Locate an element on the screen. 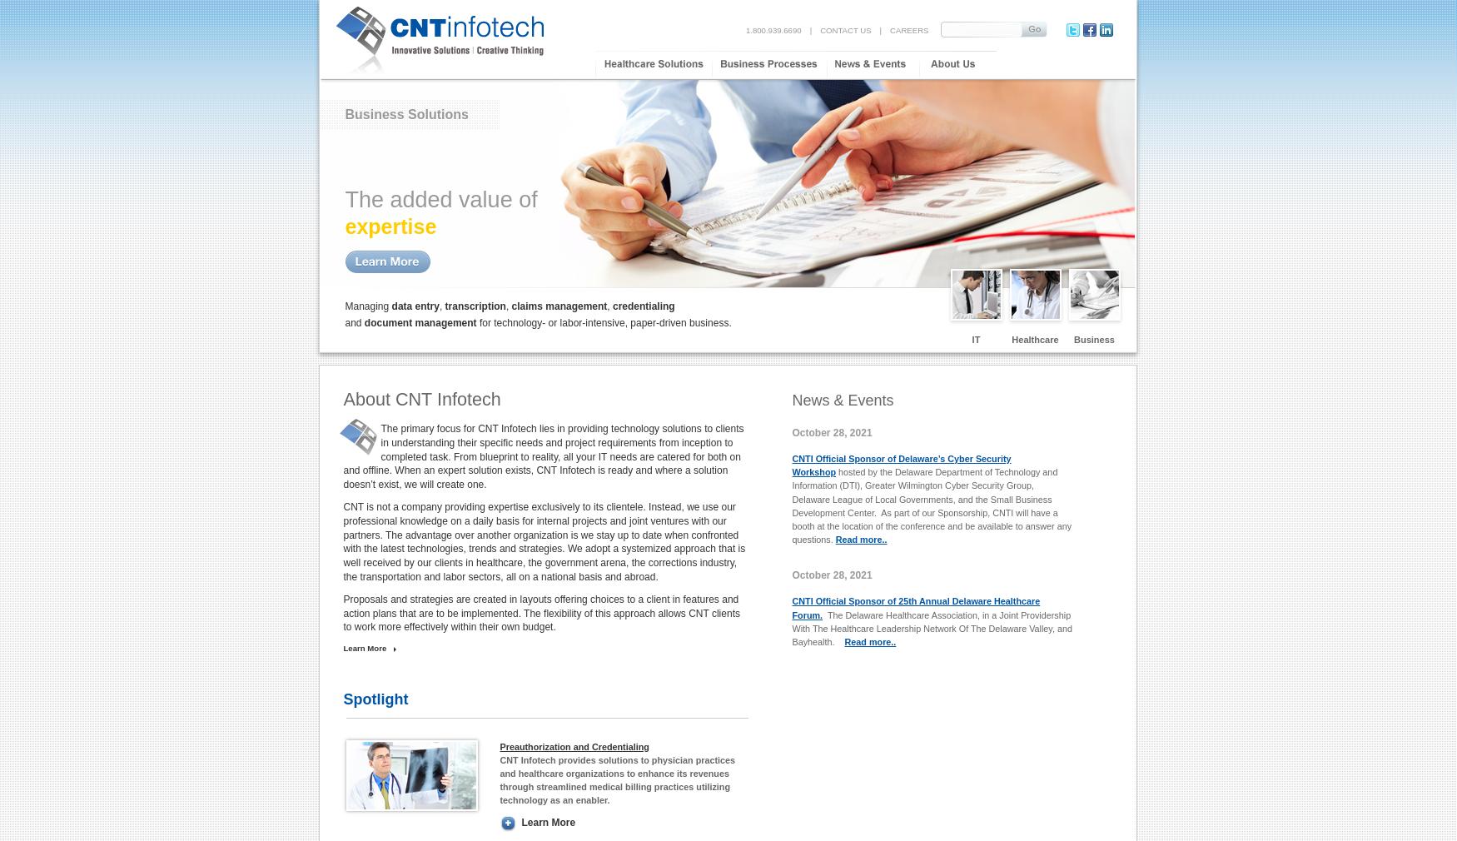 The image size is (1457, 841). 'CNTI Official Sponsor of Delaware’s Cyber Security Workshop' is located at coordinates (791, 465).